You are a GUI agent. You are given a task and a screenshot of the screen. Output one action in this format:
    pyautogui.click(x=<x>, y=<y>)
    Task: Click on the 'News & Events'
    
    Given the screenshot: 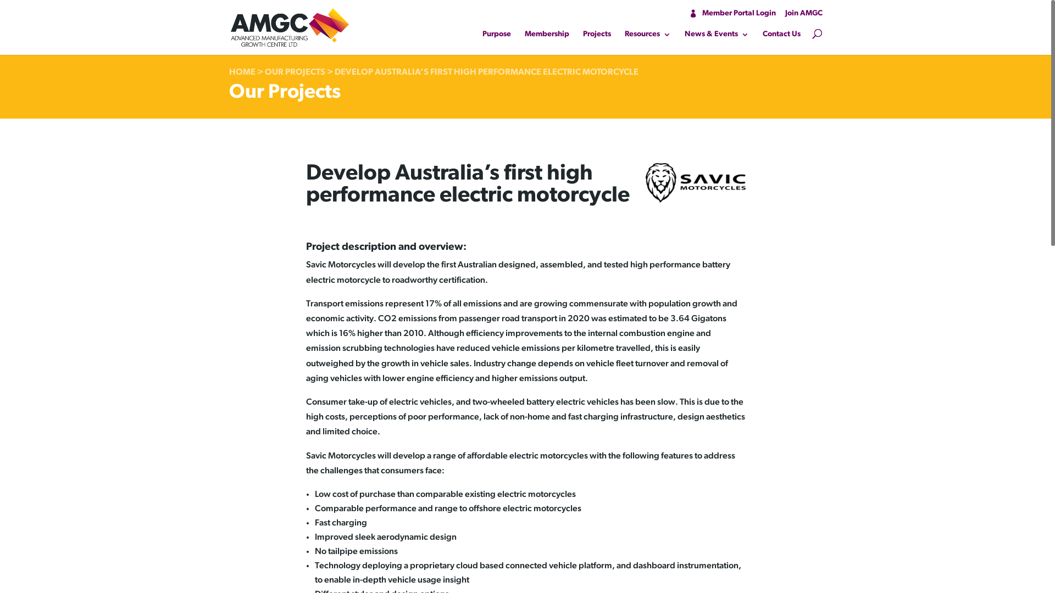 What is the action you would take?
    pyautogui.click(x=717, y=36)
    